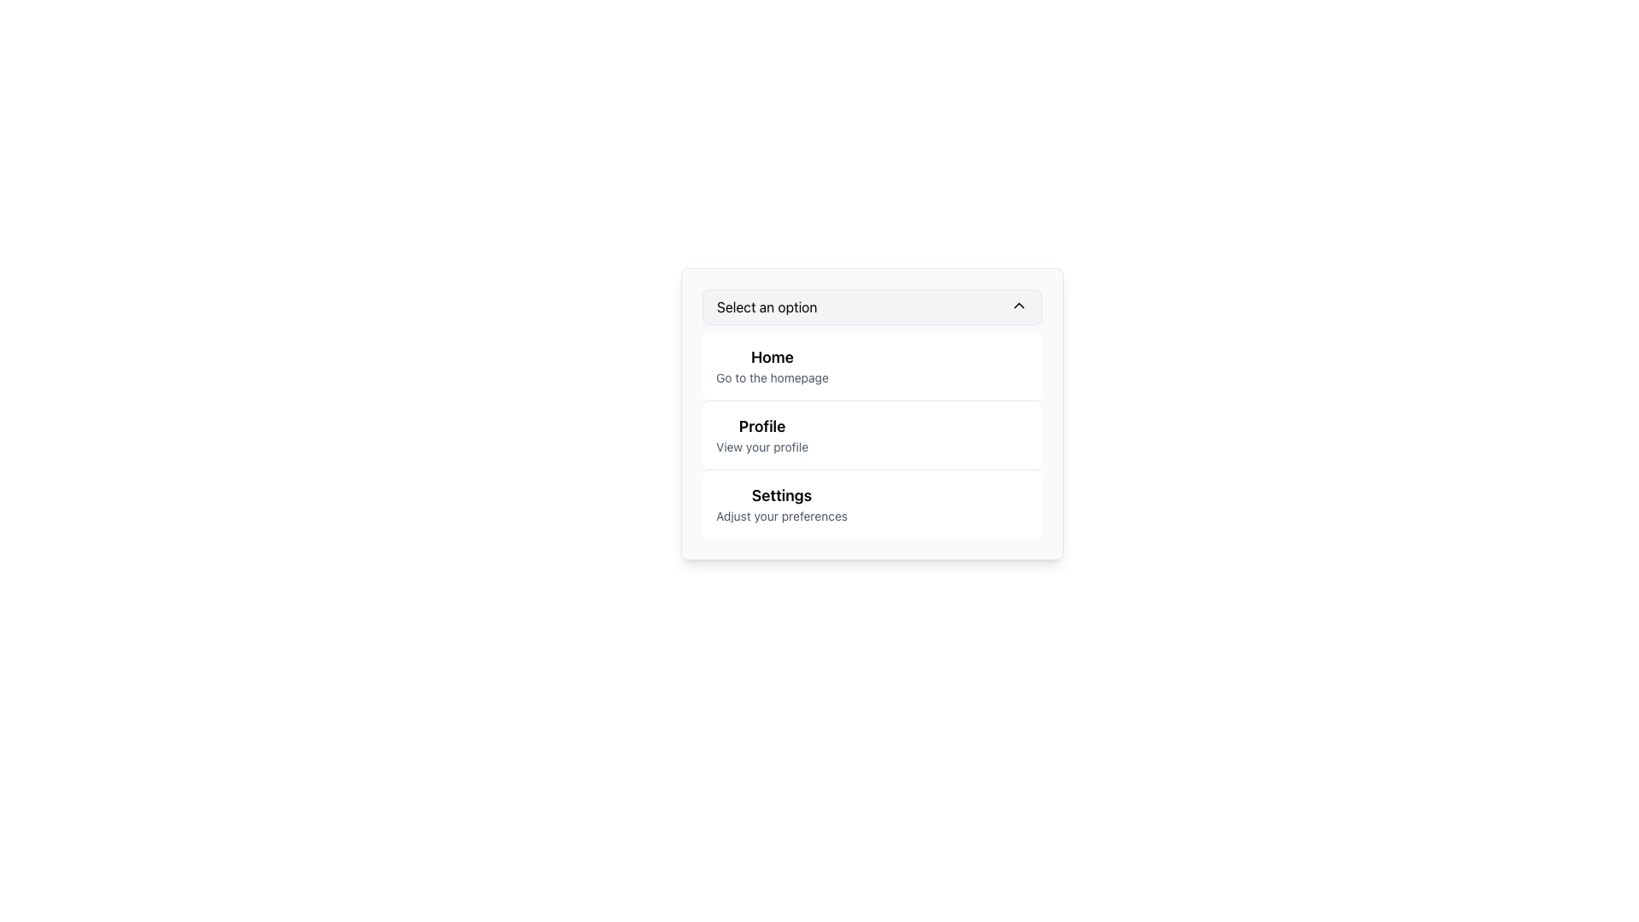  What do you see at coordinates (781, 496) in the screenshot?
I see `the bold 'Settings' text label in the dropdown menu` at bounding box center [781, 496].